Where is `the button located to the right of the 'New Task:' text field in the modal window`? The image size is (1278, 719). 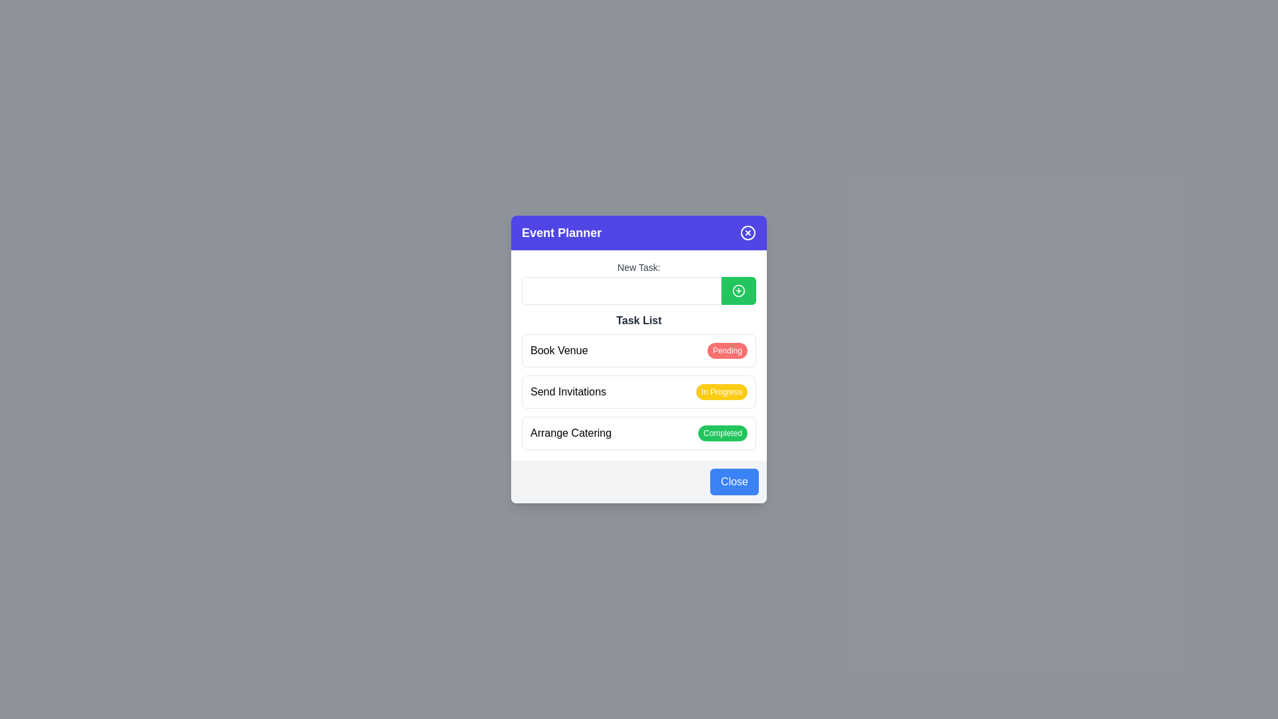
the button located to the right of the 'New Task:' text field in the modal window is located at coordinates (738, 290).